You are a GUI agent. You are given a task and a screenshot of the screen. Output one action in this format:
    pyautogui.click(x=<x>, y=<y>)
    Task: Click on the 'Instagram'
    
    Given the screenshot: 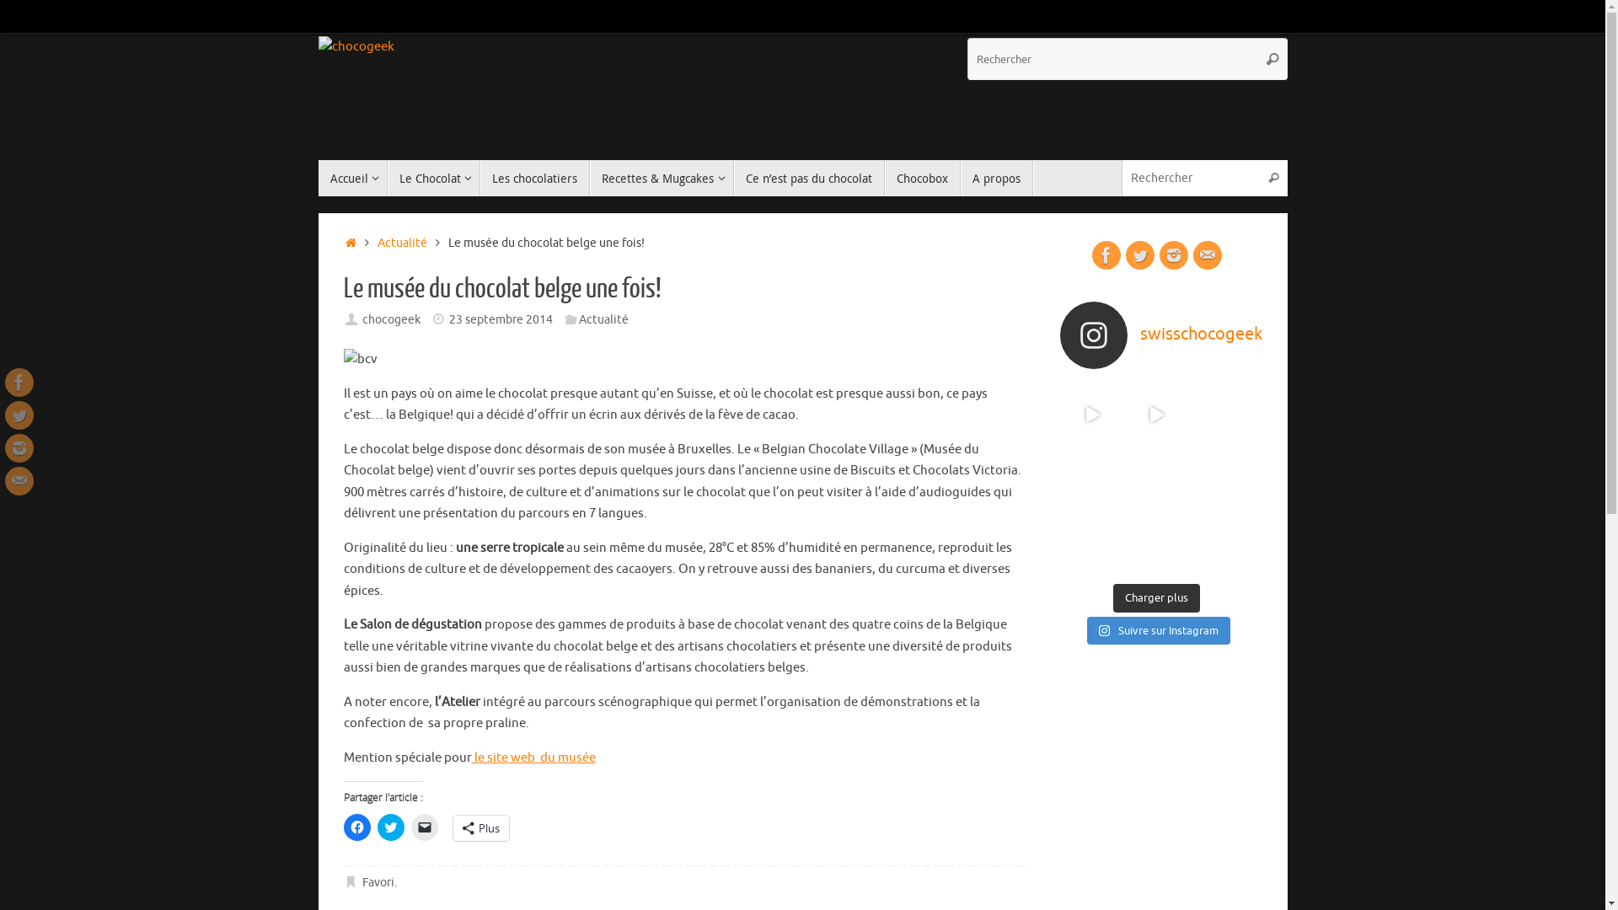 What is the action you would take?
    pyautogui.click(x=1172, y=255)
    